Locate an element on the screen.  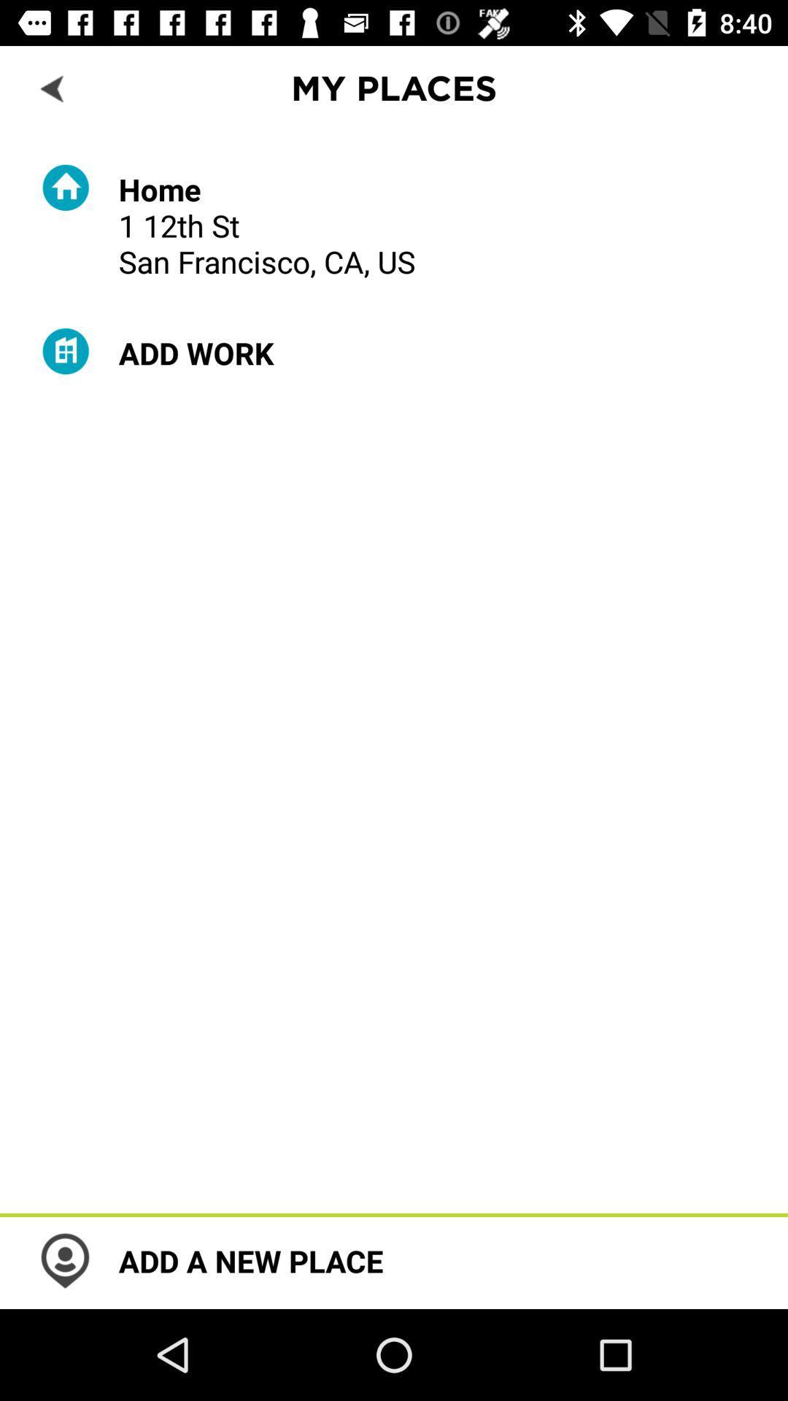
the item below the home 1 12th icon is located at coordinates (196, 352).